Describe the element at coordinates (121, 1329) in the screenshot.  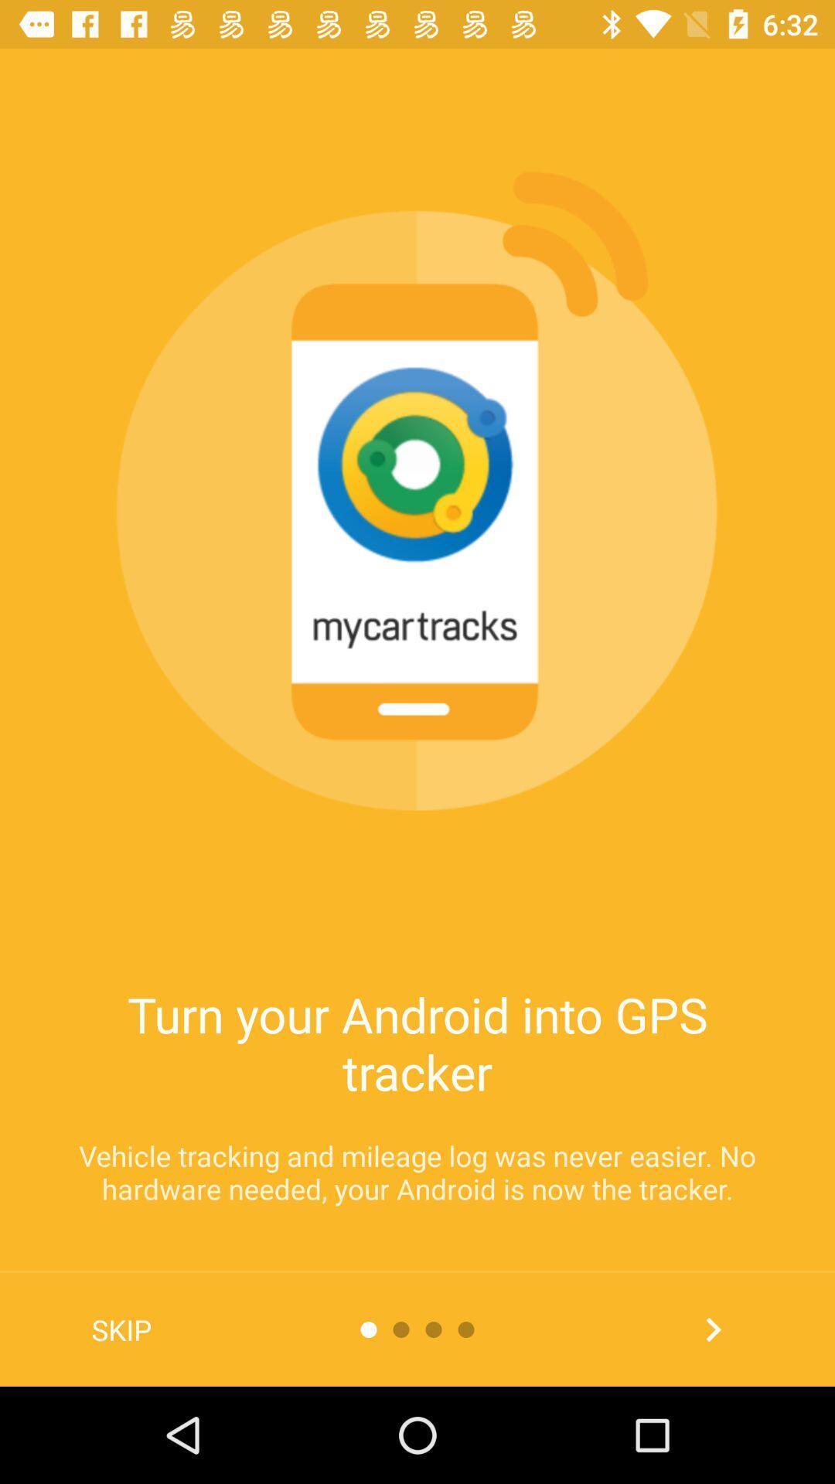
I see `the skip` at that location.